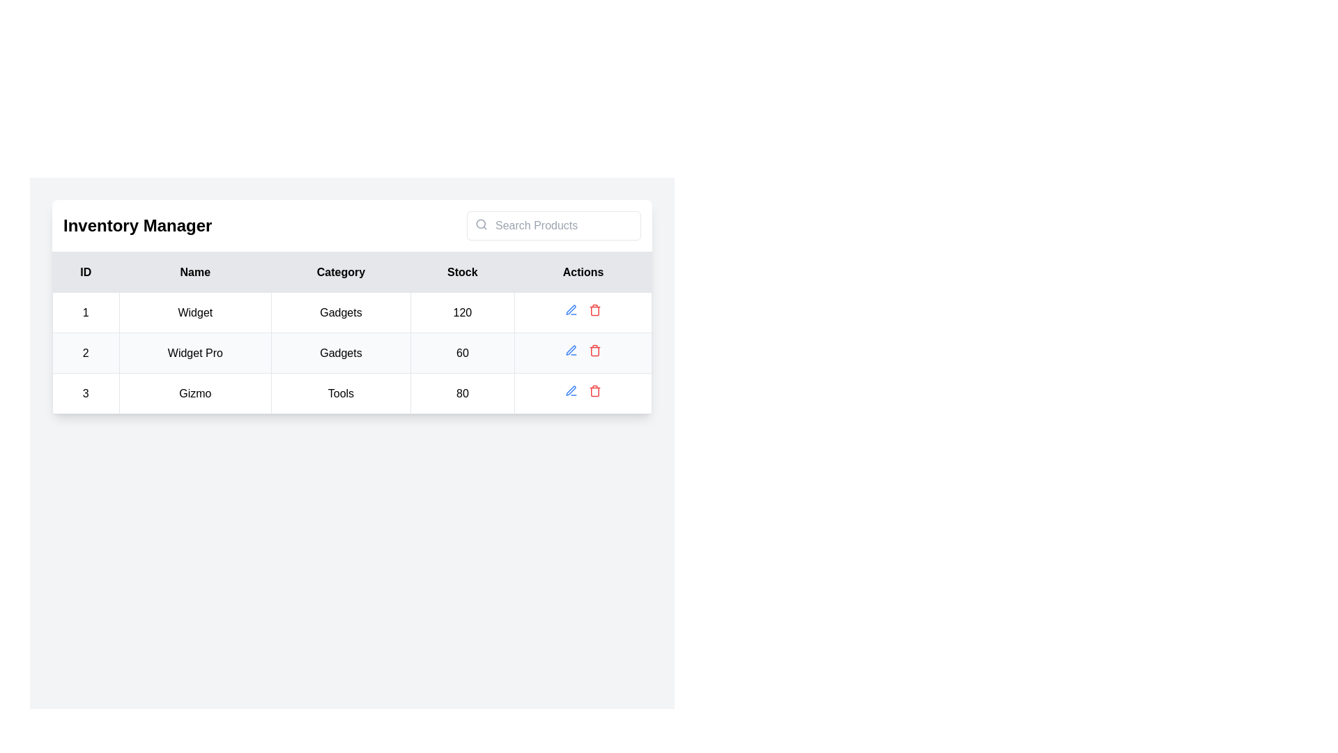 This screenshot has width=1338, height=753. Describe the element at coordinates (571, 349) in the screenshot. I see `the edit icon button in the Actions column for the 'Widget' product (ID: 1) to change its appearance` at that location.